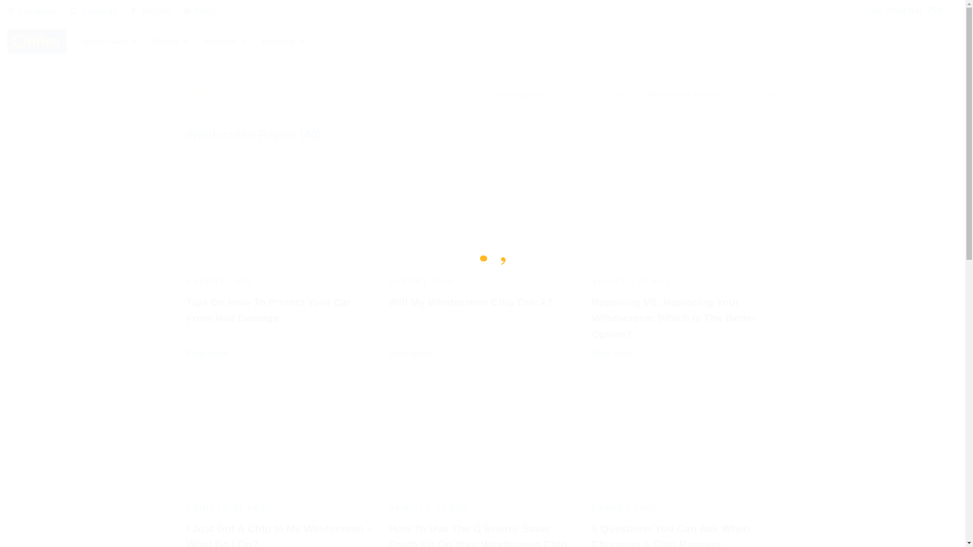 This screenshot has height=547, width=973. Describe the element at coordinates (902, 10) in the screenshot. I see `'Call 1800 841 259'` at that location.